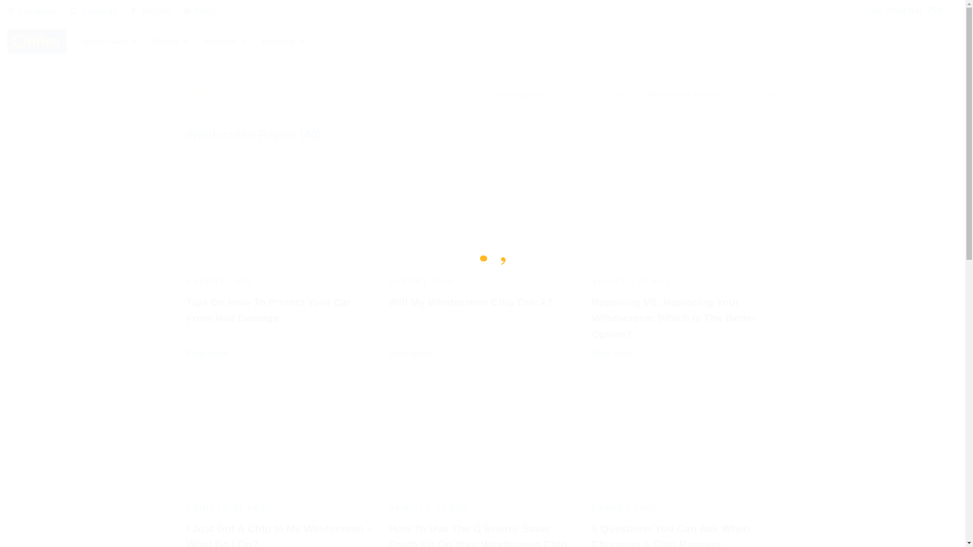 This screenshot has height=547, width=973. Describe the element at coordinates (902, 10) in the screenshot. I see `'Call 1800 841 259'` at that location.